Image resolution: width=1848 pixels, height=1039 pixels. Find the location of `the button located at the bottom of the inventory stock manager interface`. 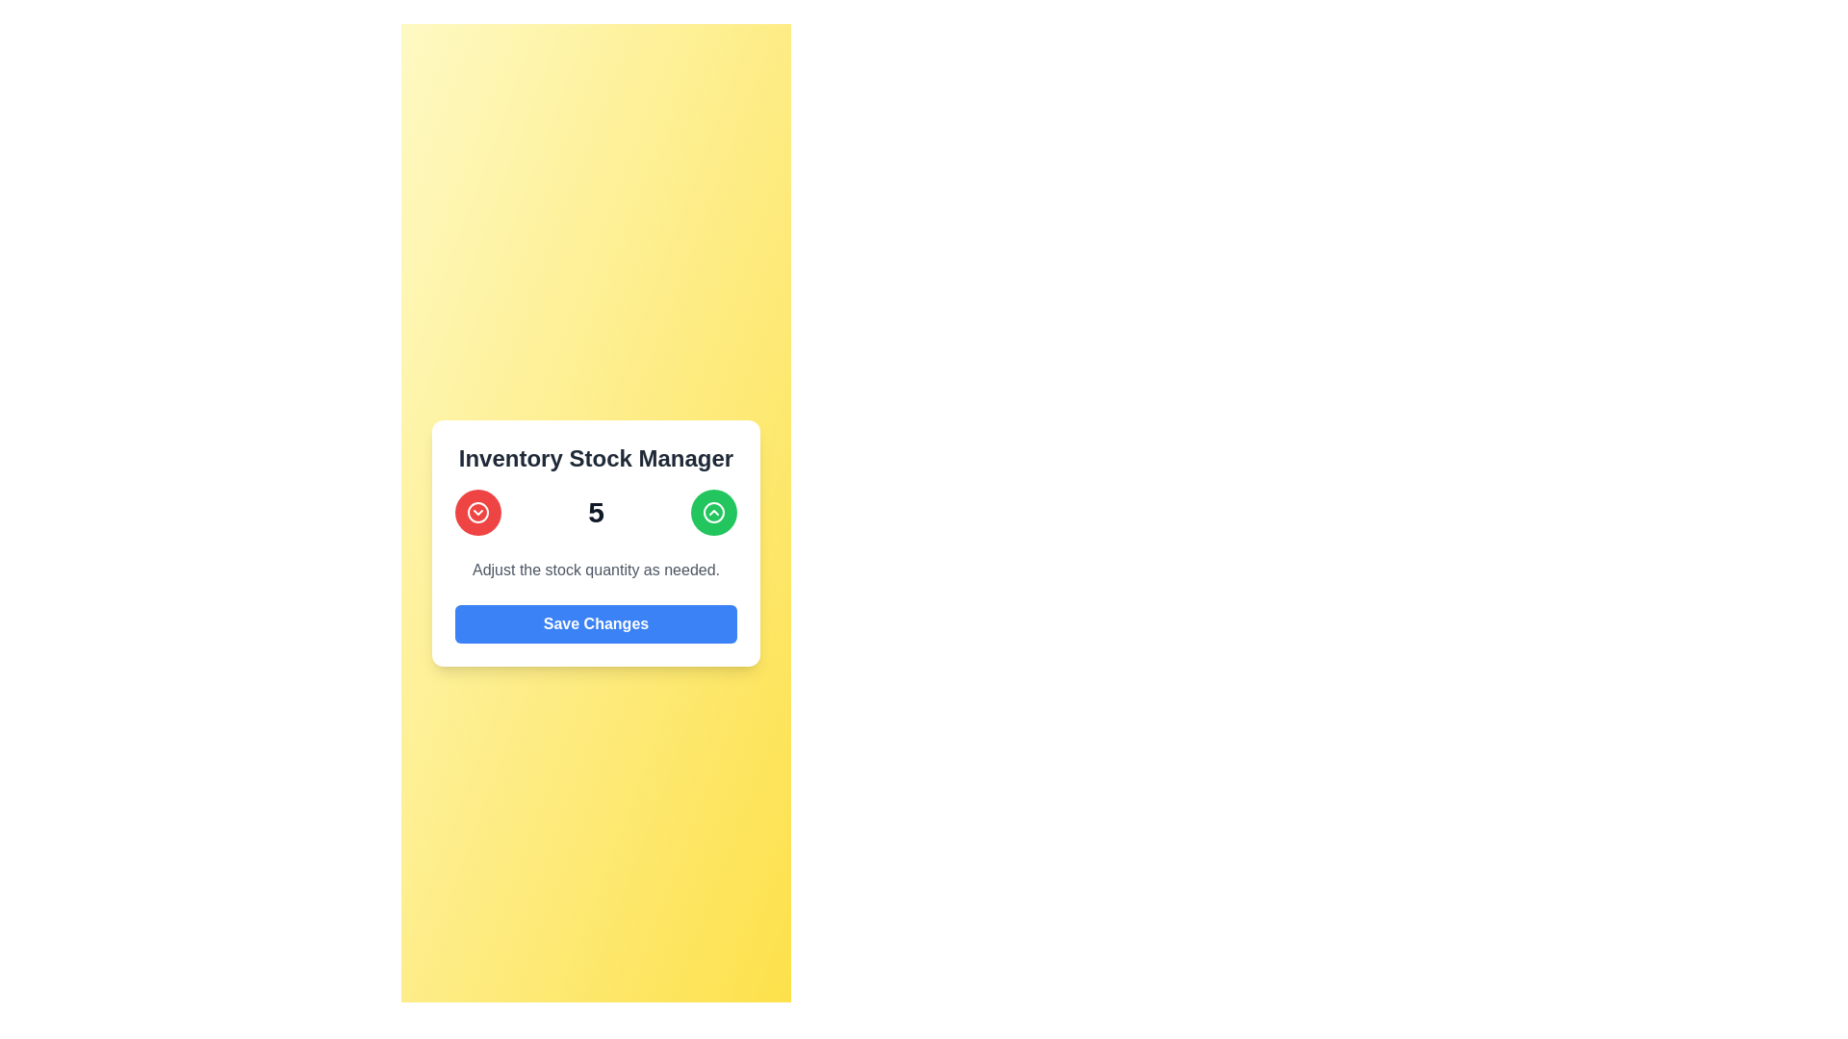

the button located at the bottom of the inventory stock manager interface is located at coordinates (595, 623).